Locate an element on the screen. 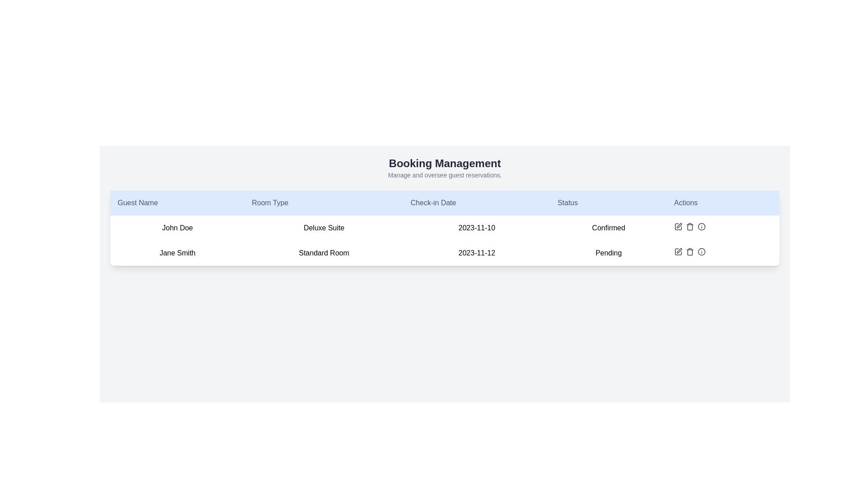 The height and width of the screenshot is (484, 862). the trash bin icon in the 'Actions' column of the 'Pending' row under the 'Booking Management' header is located at coordinates (689, 252).